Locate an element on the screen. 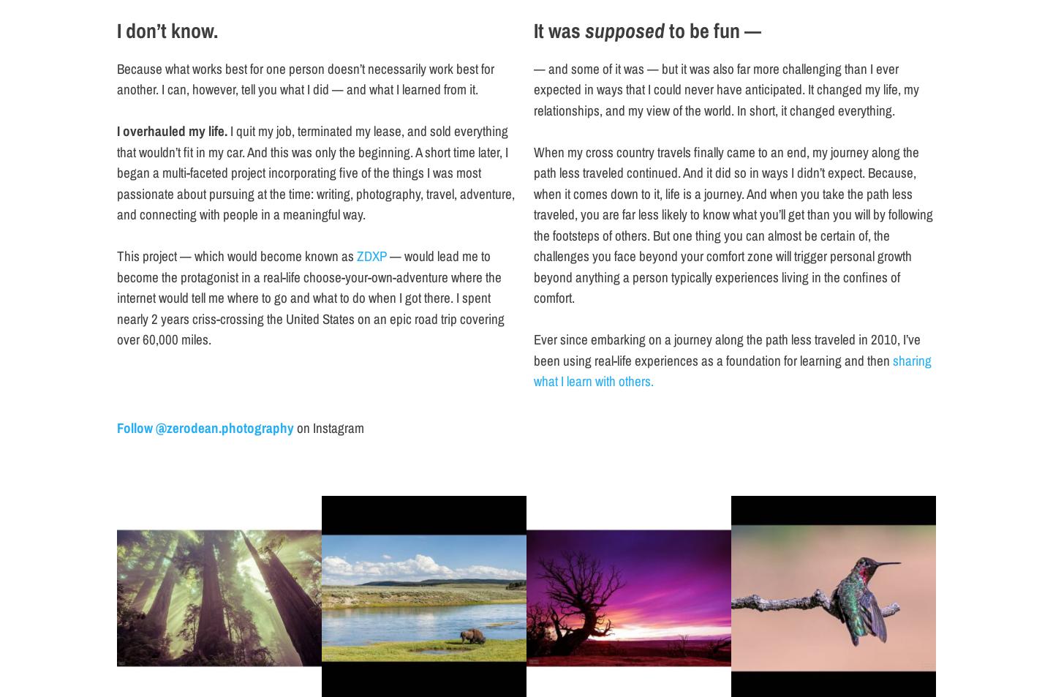  'Follow @zerodean.photography' is located at coordinates (204, 426).